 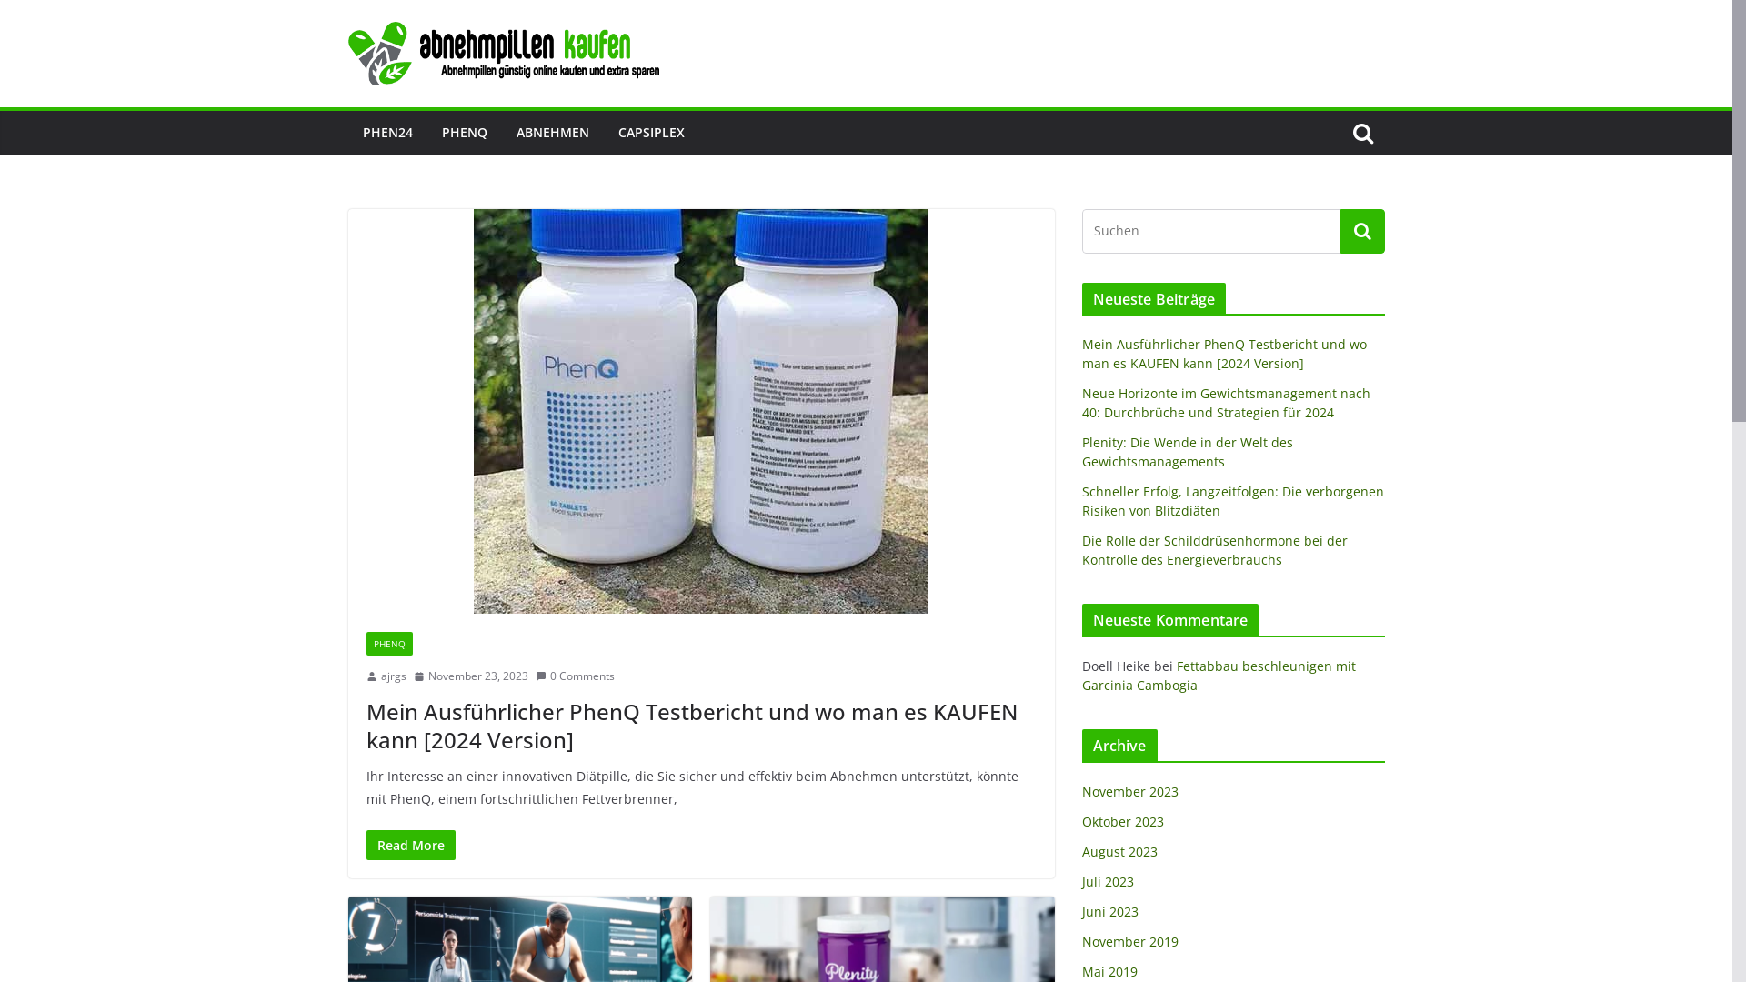 What do you see at coordinates (392, 676) in the screenshot?
I see `'ajrgs'` at bounding box center [392, 676].